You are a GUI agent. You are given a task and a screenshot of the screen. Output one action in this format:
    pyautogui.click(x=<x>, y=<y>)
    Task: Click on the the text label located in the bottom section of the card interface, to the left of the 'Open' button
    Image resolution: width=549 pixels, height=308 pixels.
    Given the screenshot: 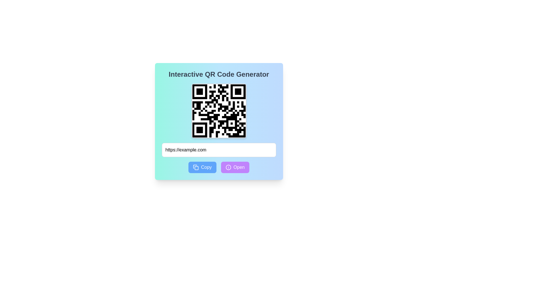 What is the action you would take?
    pyautogui.click(x=206, y=167)
    